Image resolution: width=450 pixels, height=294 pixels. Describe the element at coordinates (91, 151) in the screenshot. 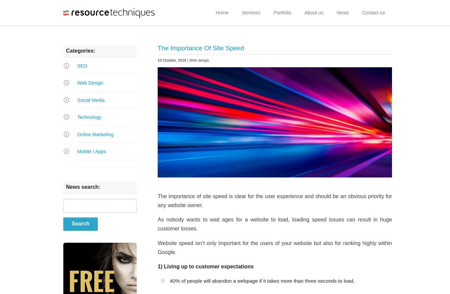

I see `'Mobile / Apps'` at that location.